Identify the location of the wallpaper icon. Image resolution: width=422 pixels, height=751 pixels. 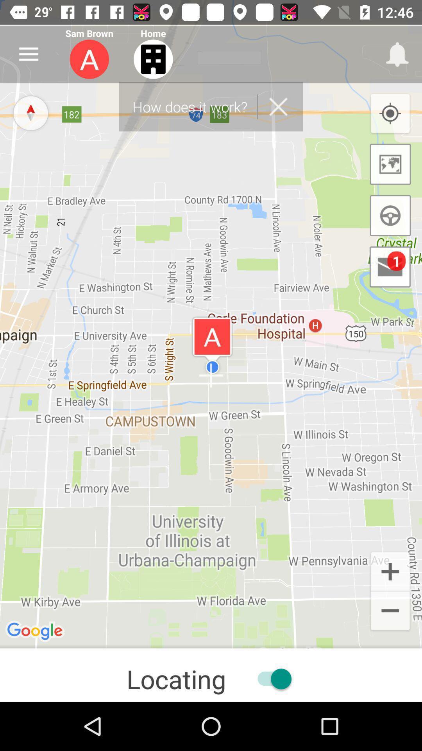
(390, 164).